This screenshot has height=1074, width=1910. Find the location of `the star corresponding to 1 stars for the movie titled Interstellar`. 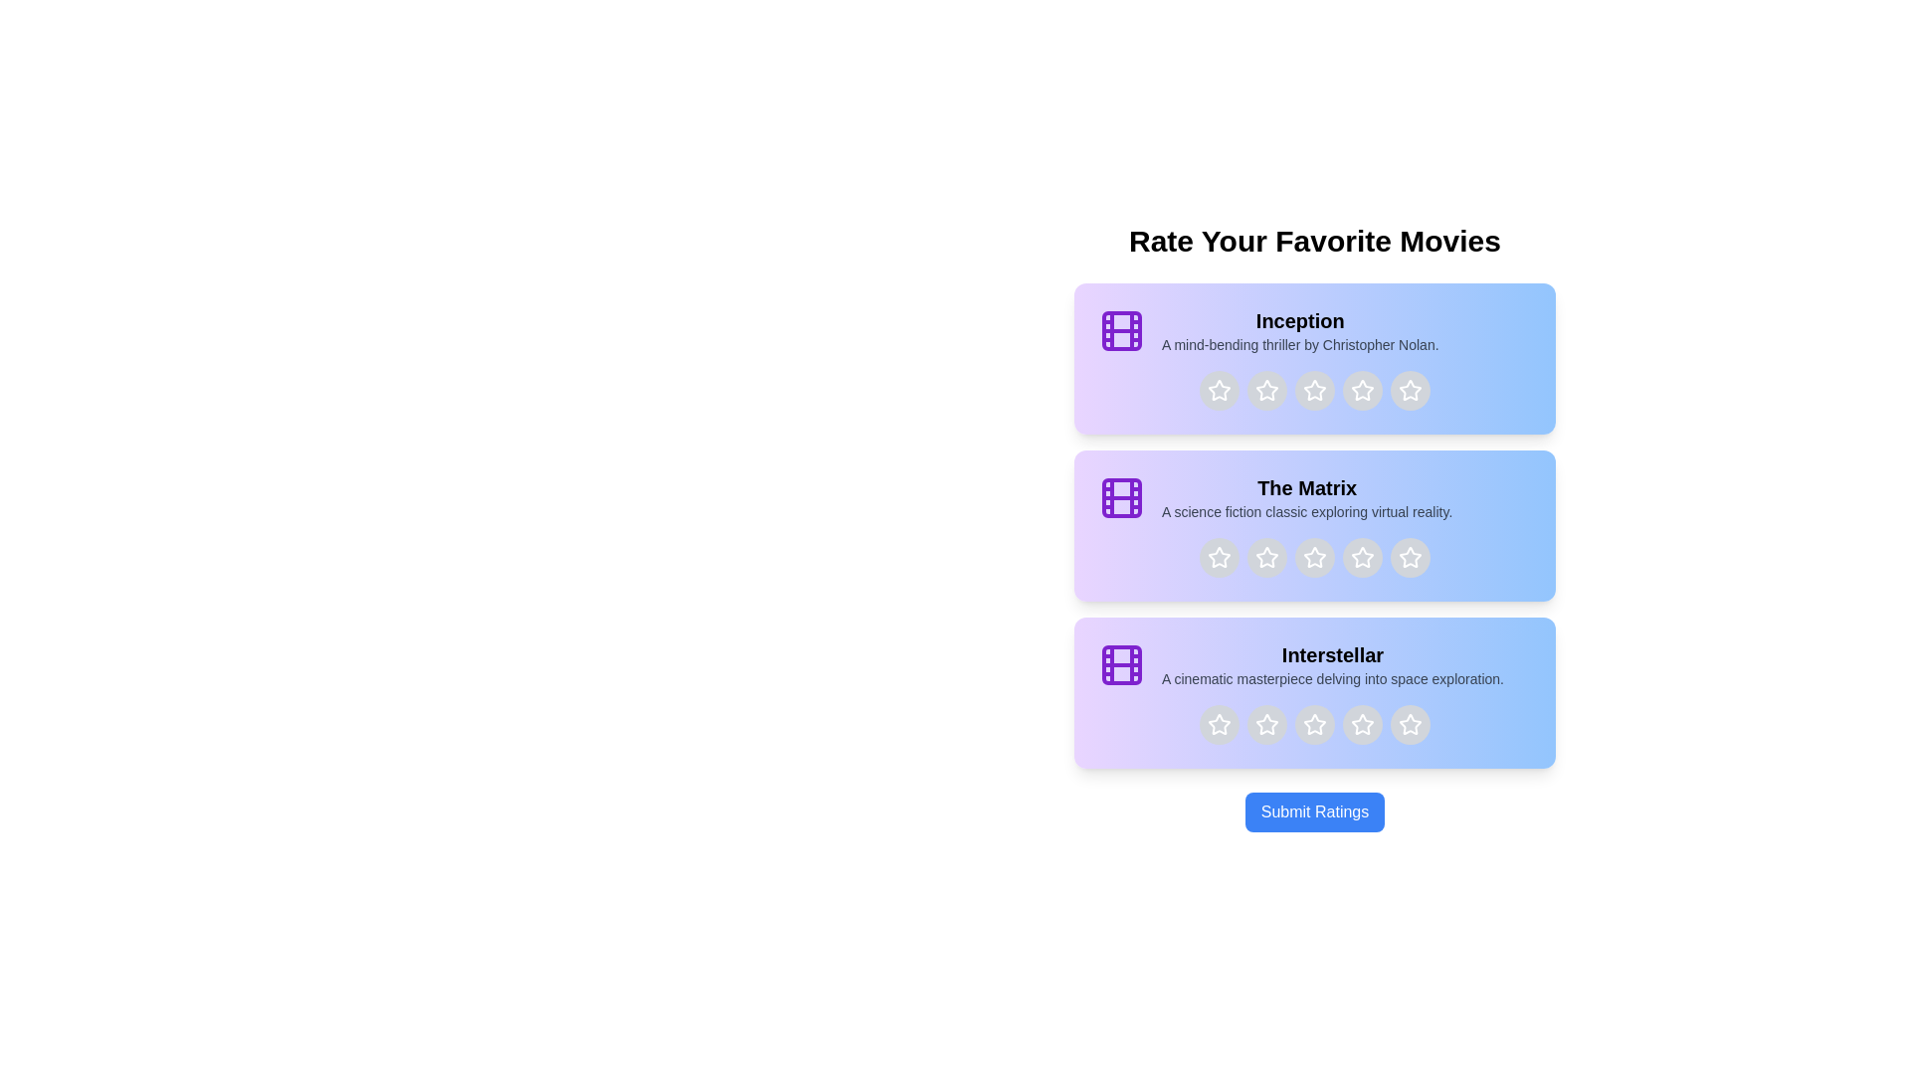

the star corresponding to 1 stars for the movie titled Interstellar is located at coordinates (1218, 725).